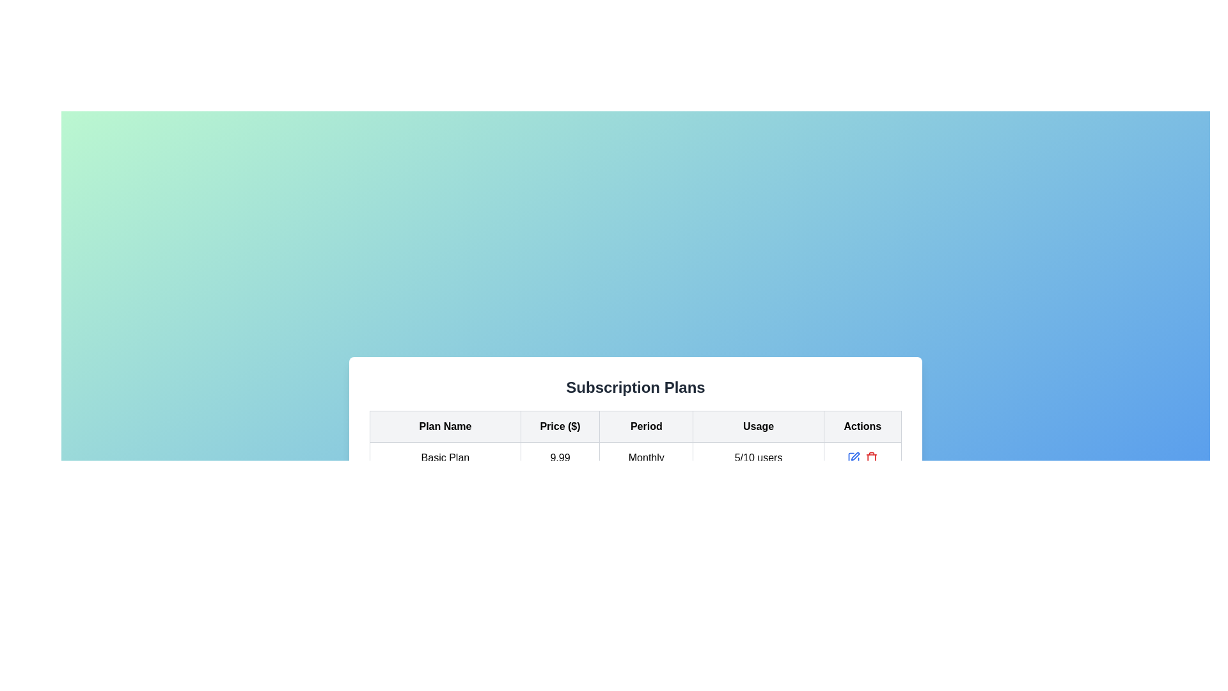 Image resolution: width=1228 pixels, height=691 pixels. I want to click on the Table Header of the subscription plan table, which contains the column names 'Plan Name,' 'Price ($),' 'Period,' 'Usage,' and 'Actions.', so click(635, 426).